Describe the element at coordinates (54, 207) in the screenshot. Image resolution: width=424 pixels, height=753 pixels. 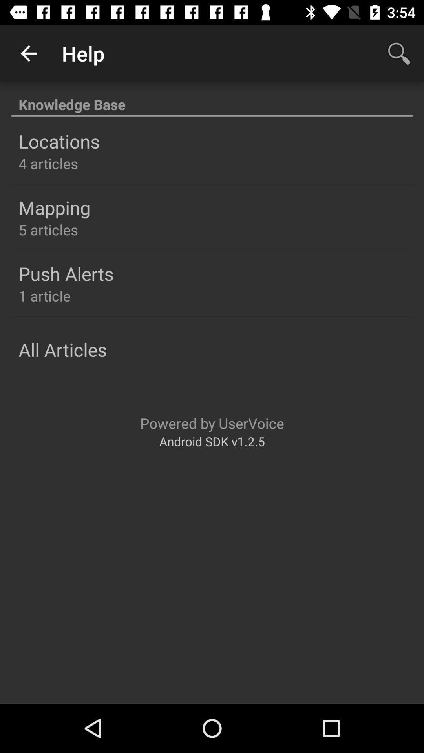
I see `icon above the 5 articles item` at that location.